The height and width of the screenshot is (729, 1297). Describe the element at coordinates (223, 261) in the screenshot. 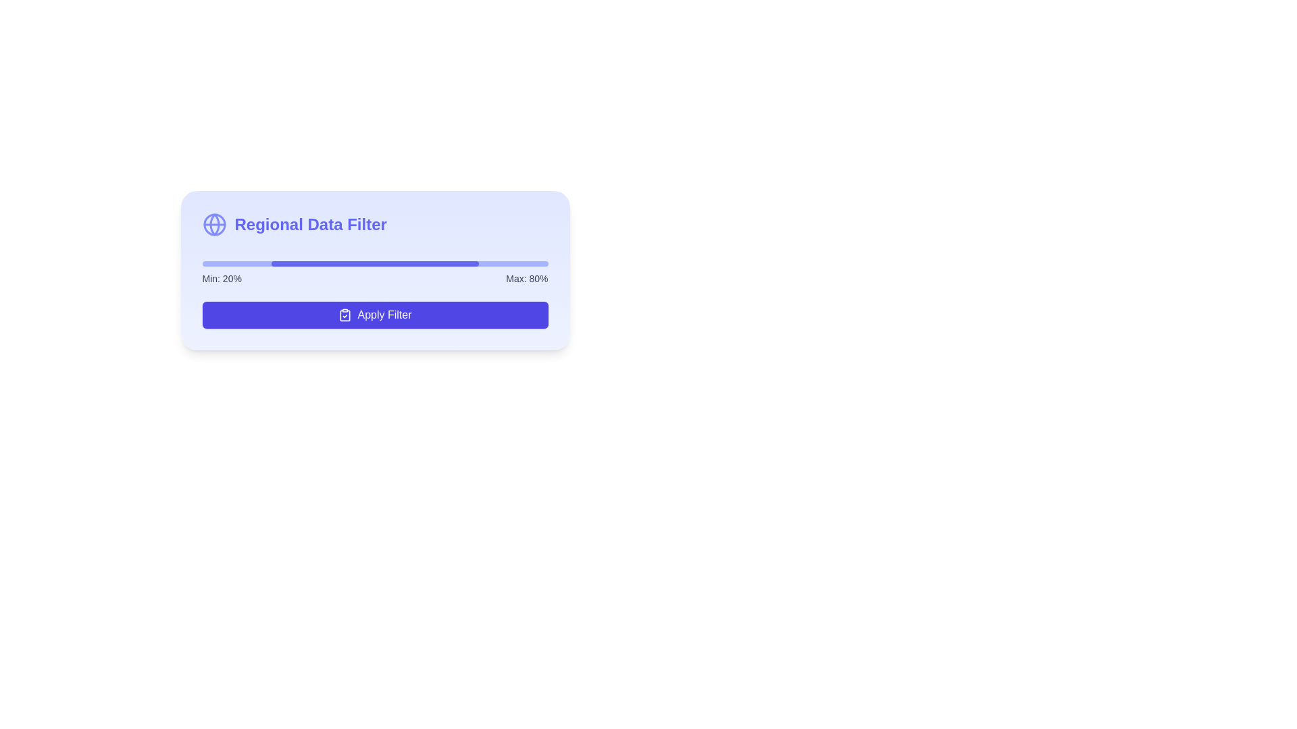

I see `the slider` at that location.